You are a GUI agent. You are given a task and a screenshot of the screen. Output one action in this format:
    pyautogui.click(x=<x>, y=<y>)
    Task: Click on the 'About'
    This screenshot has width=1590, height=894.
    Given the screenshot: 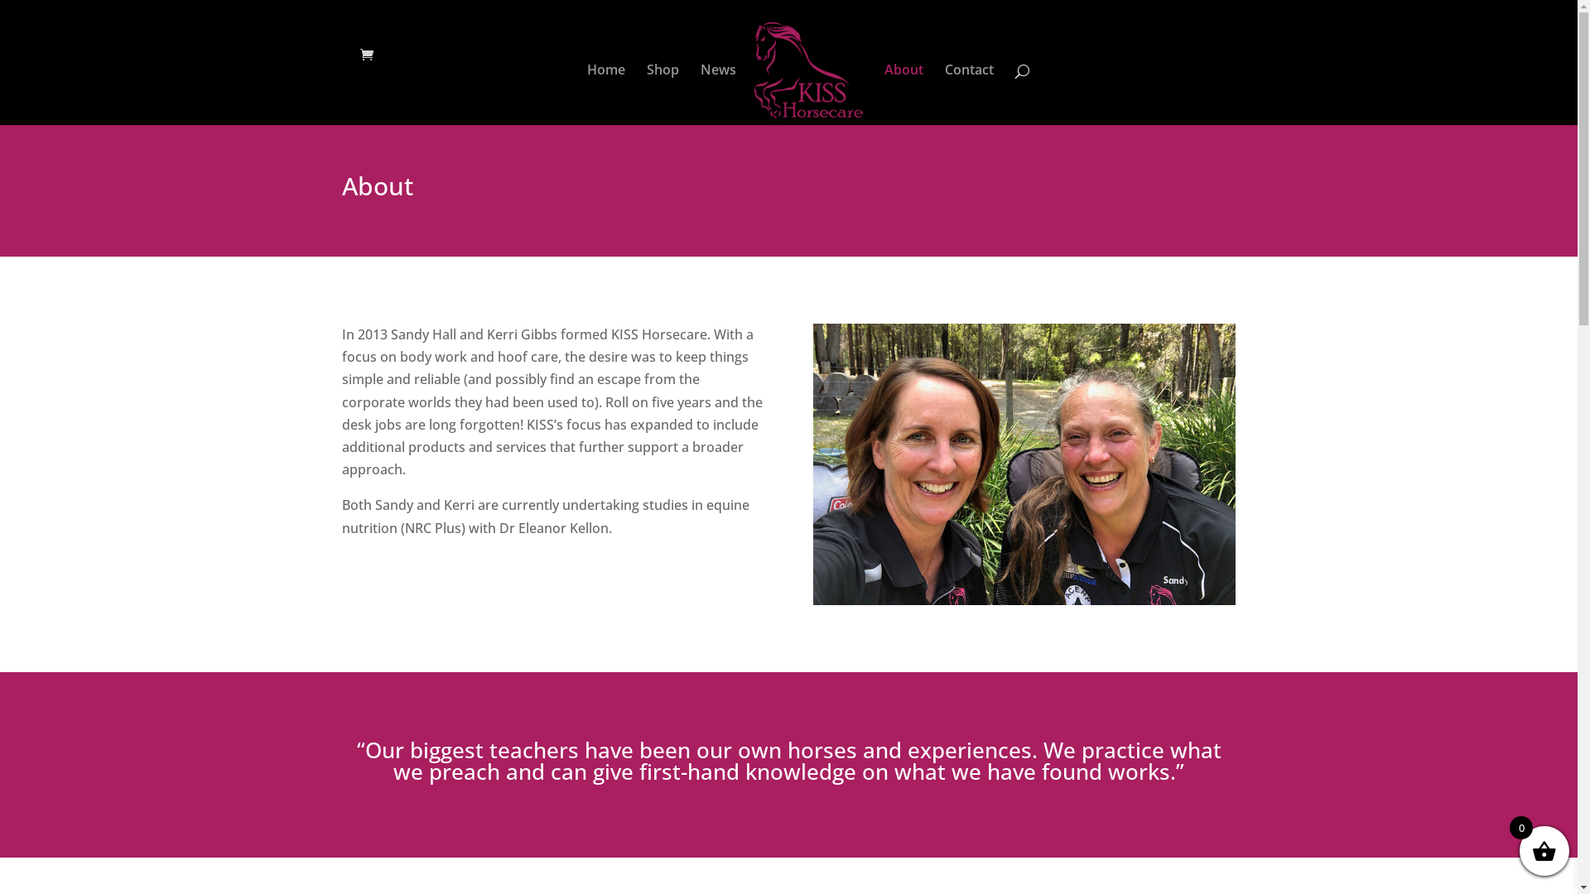 What is the action you would take?
    pyautogui.click(x=903, y=94)
    